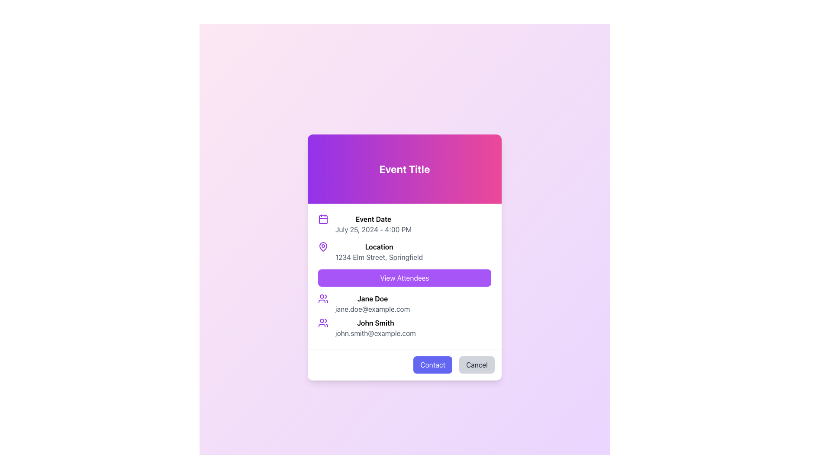 The height and width of the screenshot is (467, 831). Describe the element at coordinates (404, 303) in the screenshot. I see `the email address text of the first user profile entry displayed in the modal window, located just below the 'View Attendees' button` at that location.